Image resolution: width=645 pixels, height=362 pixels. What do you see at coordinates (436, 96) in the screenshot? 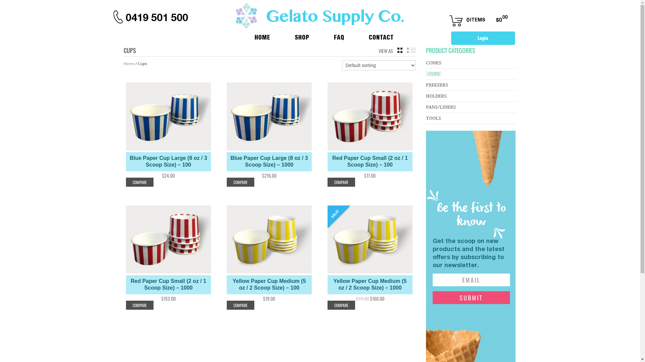
I see `'HOLDERS'` at bounding box center [436, 96].